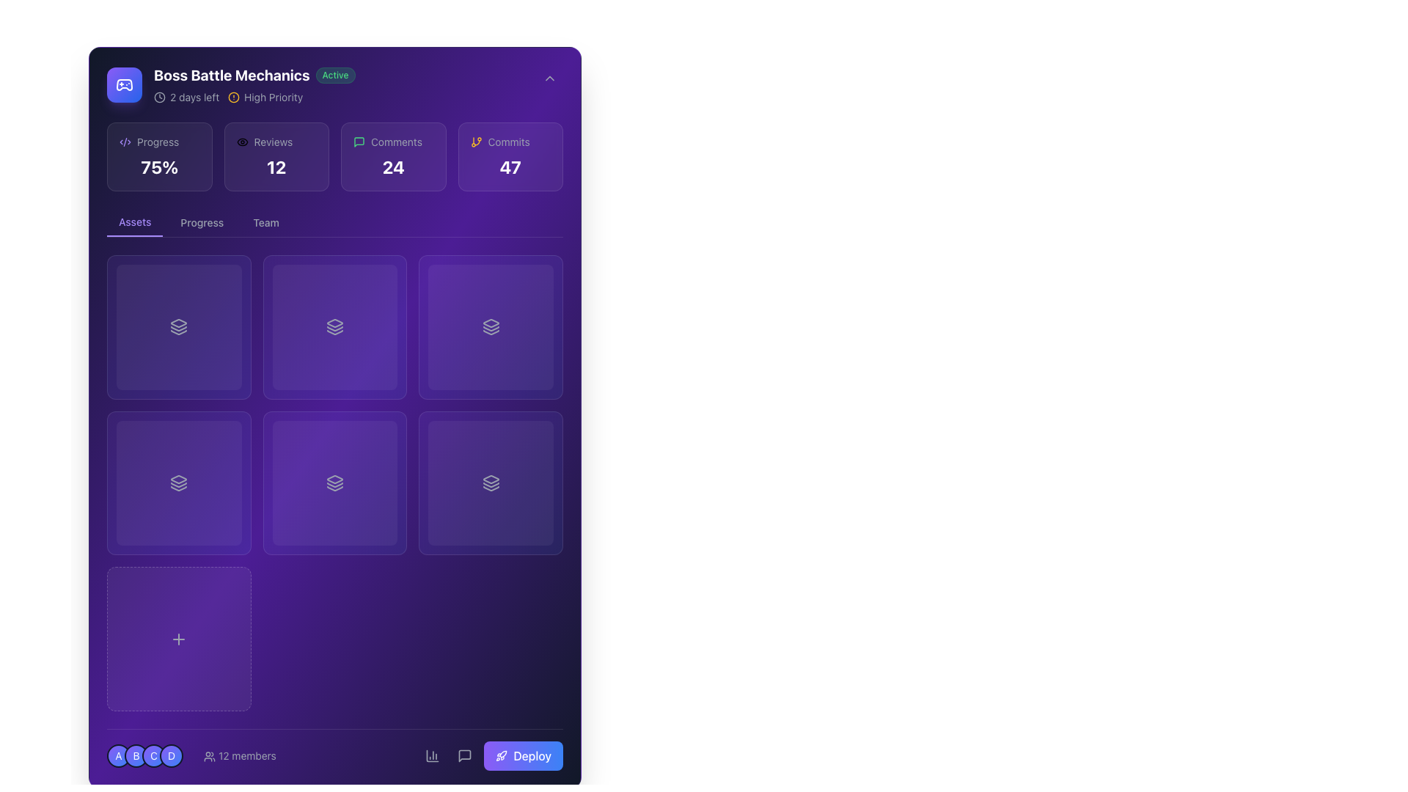 This screenshot has height=792, width=1408. Describe the element at coordinates (172, 755) in the screenshot. I see `the Avatar icon with a gradient background transitioning from violet to blue, containing the letter 'D' in white, located in the bottom-left corner of the interface` at that location.